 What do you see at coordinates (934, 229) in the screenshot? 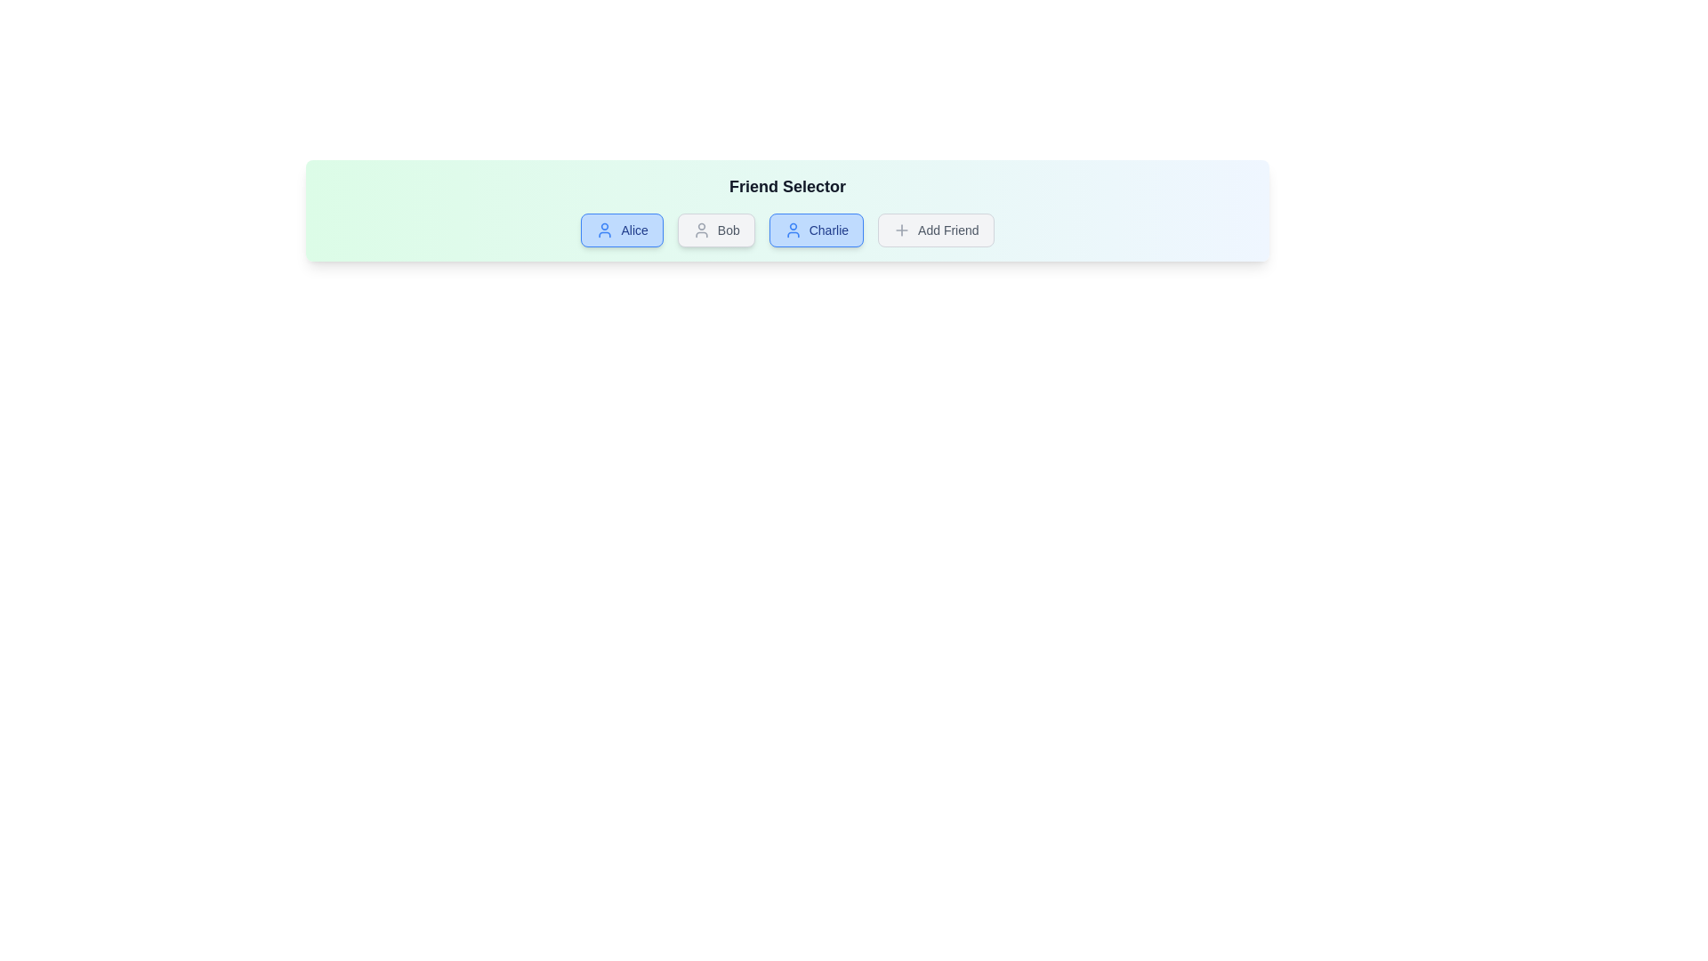
I see `the 'Add Friend' button to trigger the add friend action` at bounding box center [934, 229].